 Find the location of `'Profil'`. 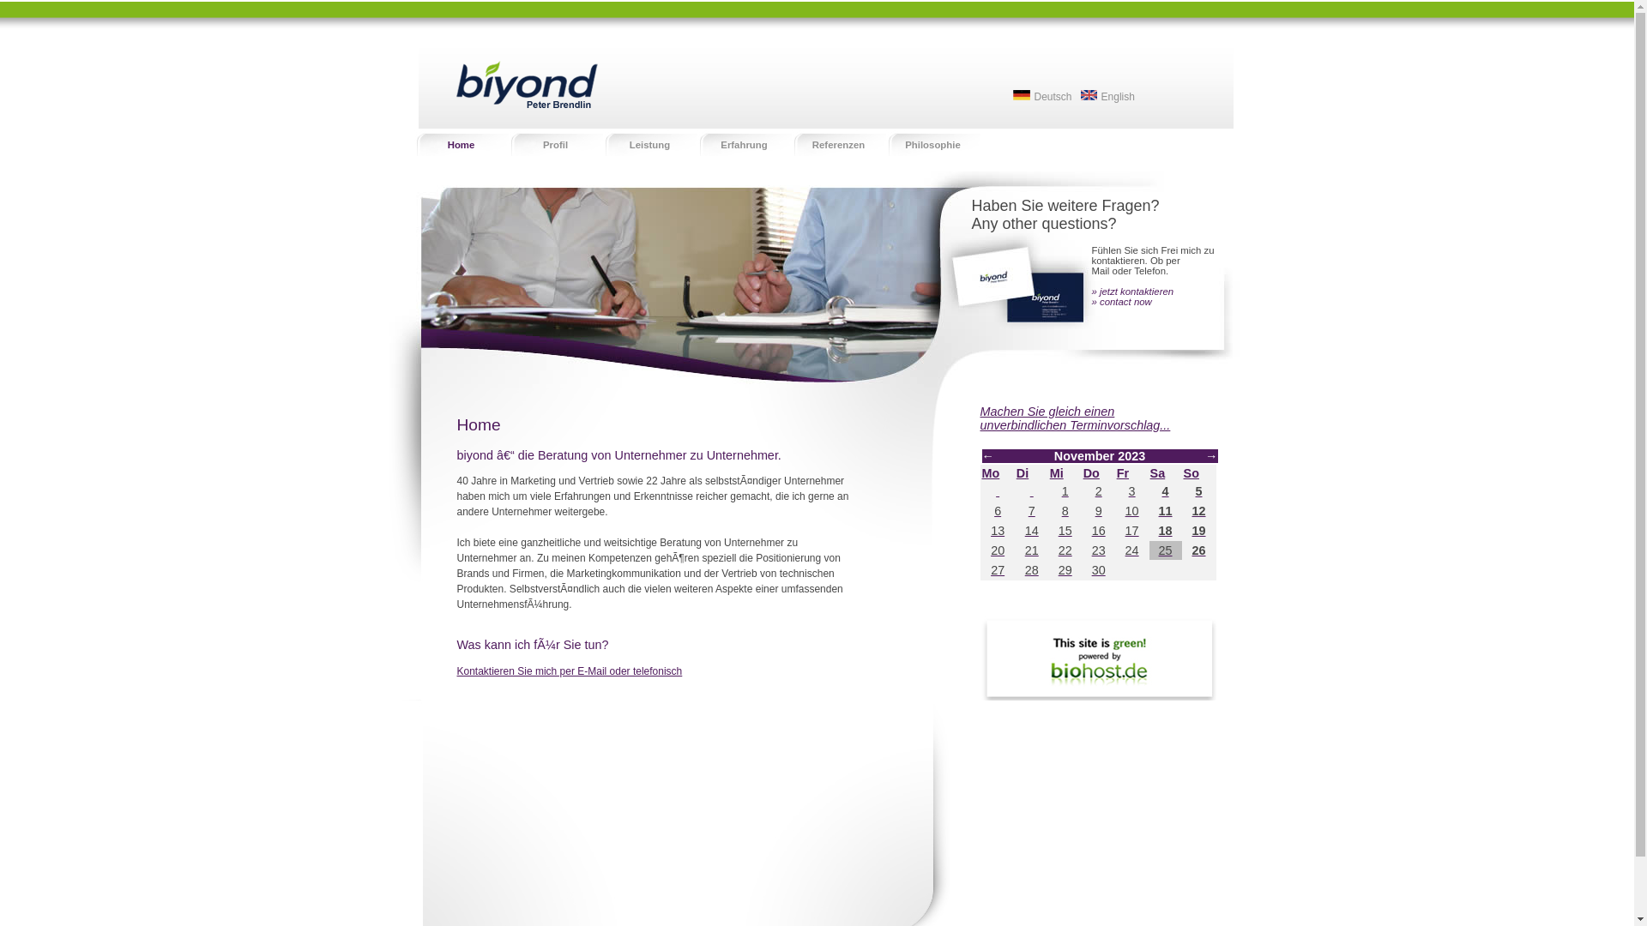

'Profil' is located at coordinates (555, 141).